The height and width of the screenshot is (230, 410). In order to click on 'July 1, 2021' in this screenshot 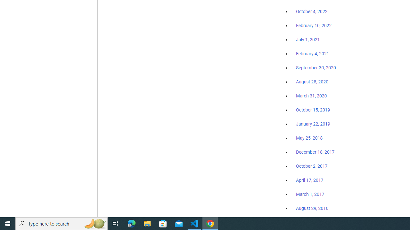, I will do `click(308, 40)`.